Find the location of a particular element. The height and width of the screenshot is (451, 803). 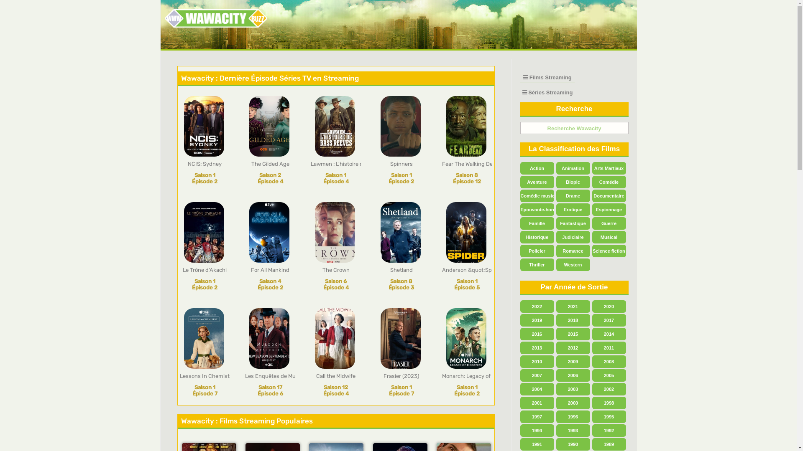

'Epouvante-horreur' is located at coordinates (519, 209).